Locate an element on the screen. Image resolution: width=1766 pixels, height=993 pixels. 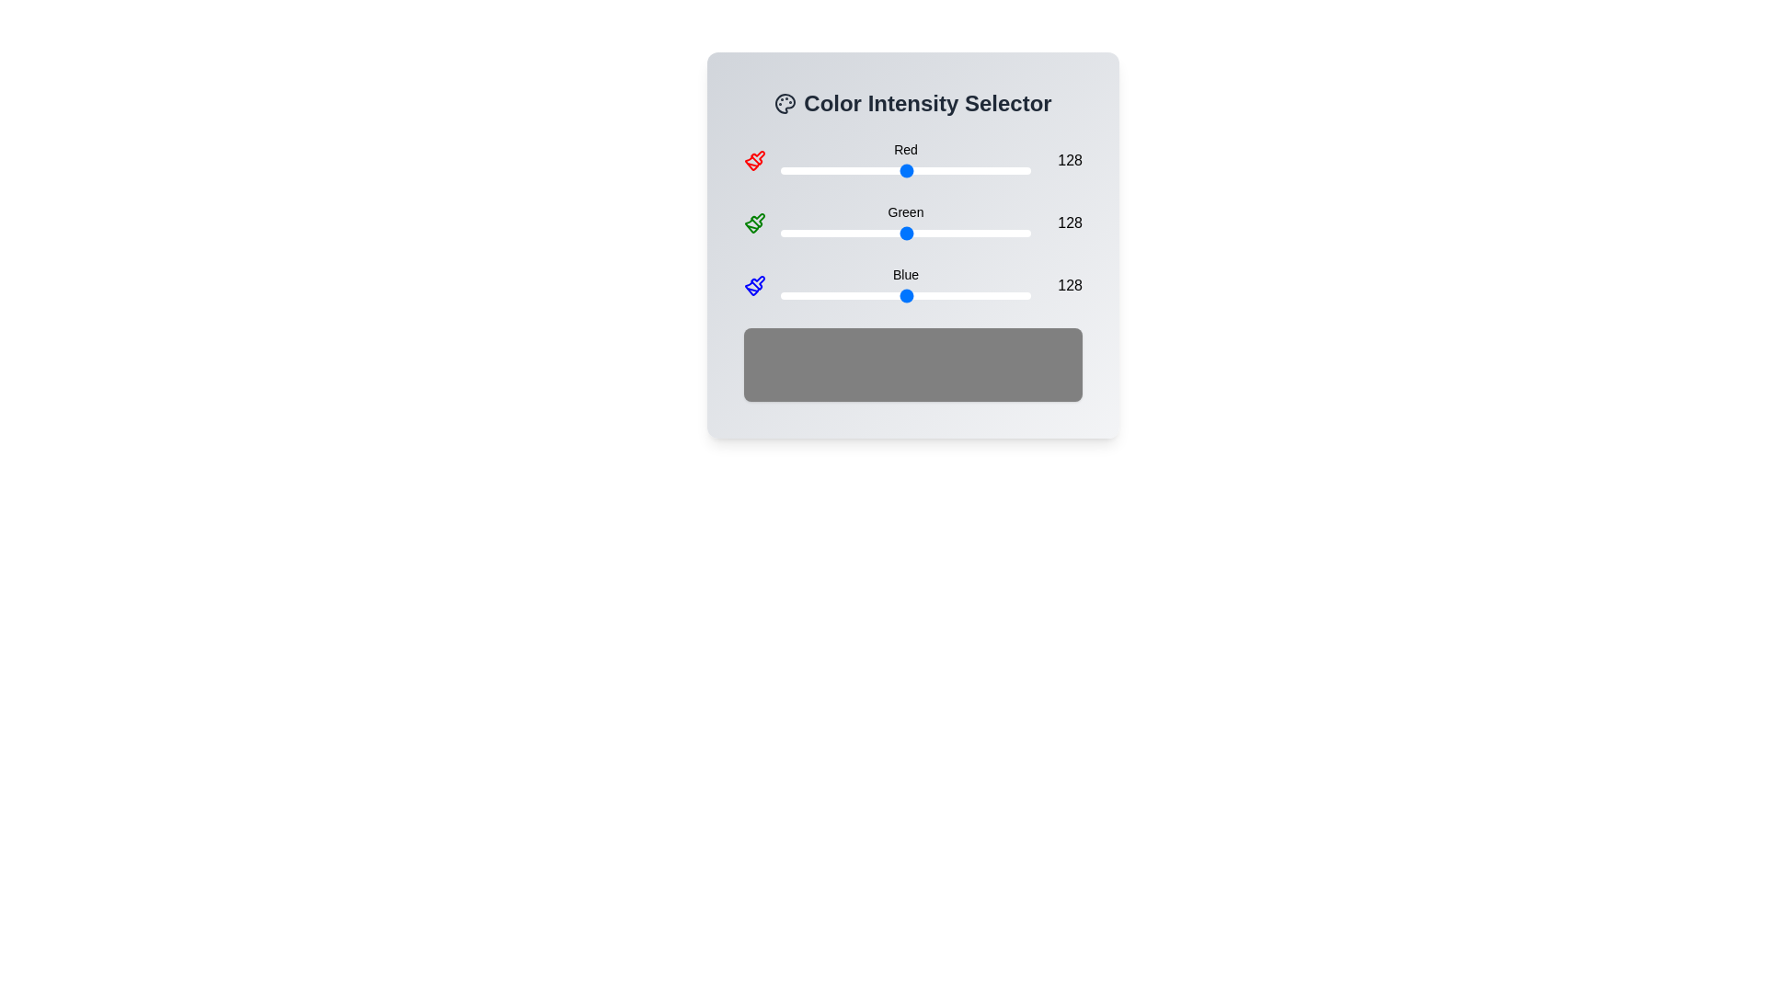
the blue color intensity is located at coordinates (783, 294).